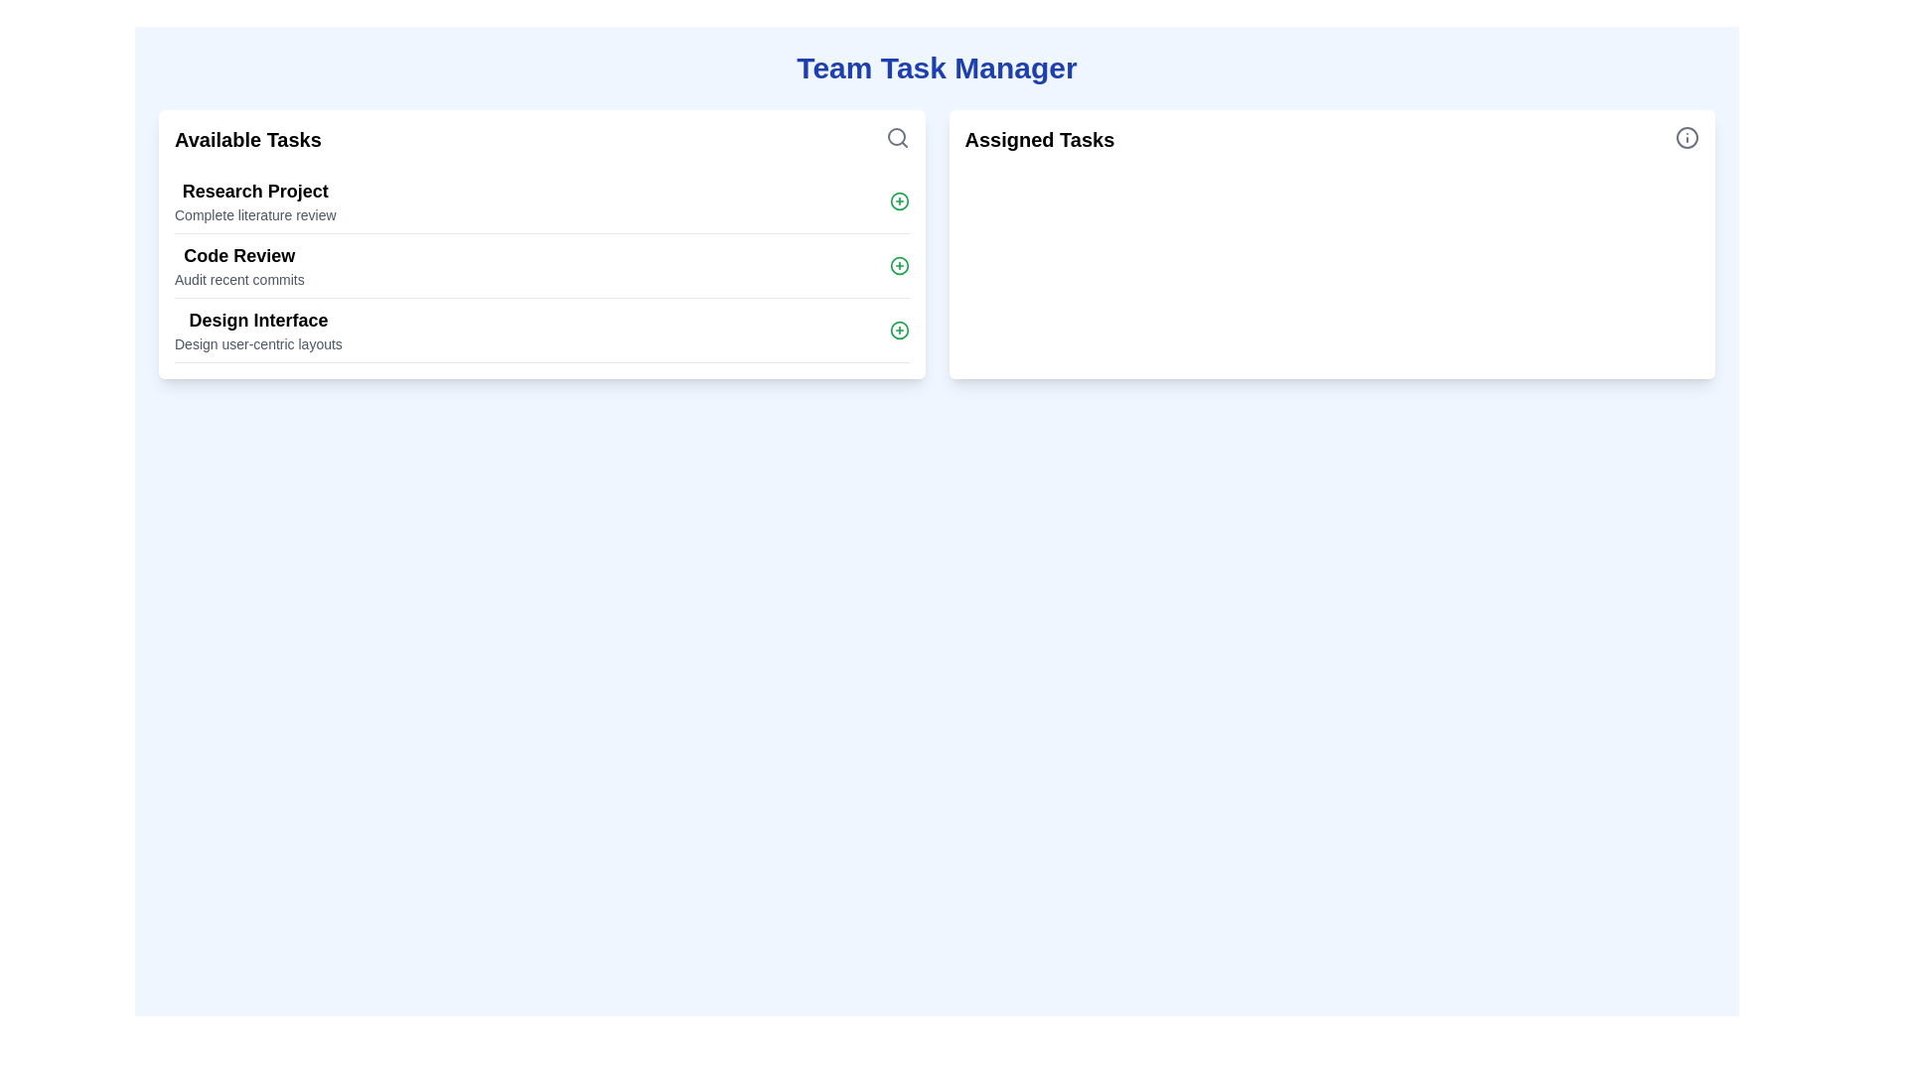 This screenshot has height=1072, width=1907. What do you see at coordinates (1687, 136) in the screenshot?
I see `the circular outline in the SVG graphic element that represents an 'info' symbol, located in the upper-right corner of the 'Assigned Tasks' panel` at bounding box center [1687, 136].